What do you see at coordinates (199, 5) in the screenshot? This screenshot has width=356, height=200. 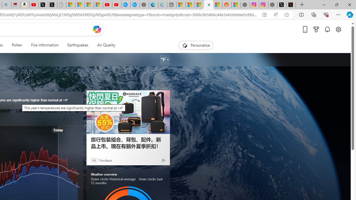 I see `'Shanghai, China hourly forecast | Microsoft Weather'` at bounding box center [199, 5].